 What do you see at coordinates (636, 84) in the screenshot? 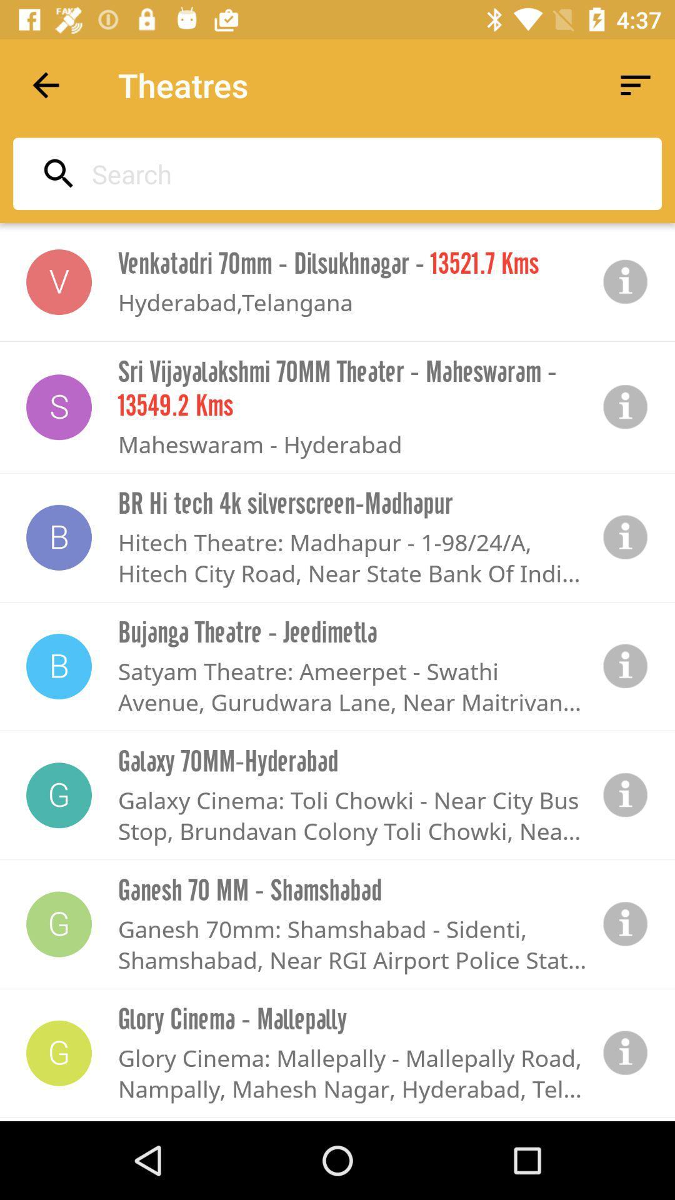
I see `the icon to the right of theatres item` at bounding box center [636, 84].